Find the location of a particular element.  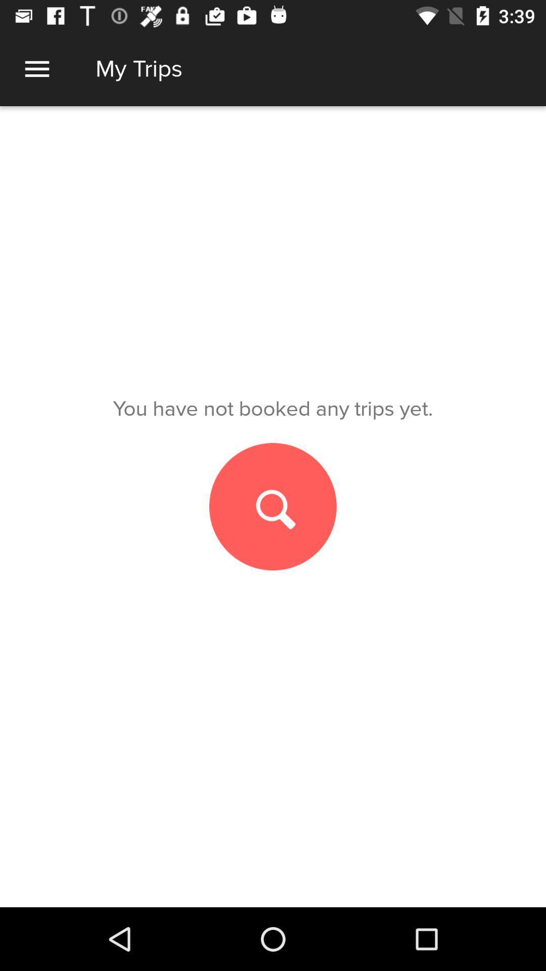

icon below the you have not item is located at coordinates (273, 507).